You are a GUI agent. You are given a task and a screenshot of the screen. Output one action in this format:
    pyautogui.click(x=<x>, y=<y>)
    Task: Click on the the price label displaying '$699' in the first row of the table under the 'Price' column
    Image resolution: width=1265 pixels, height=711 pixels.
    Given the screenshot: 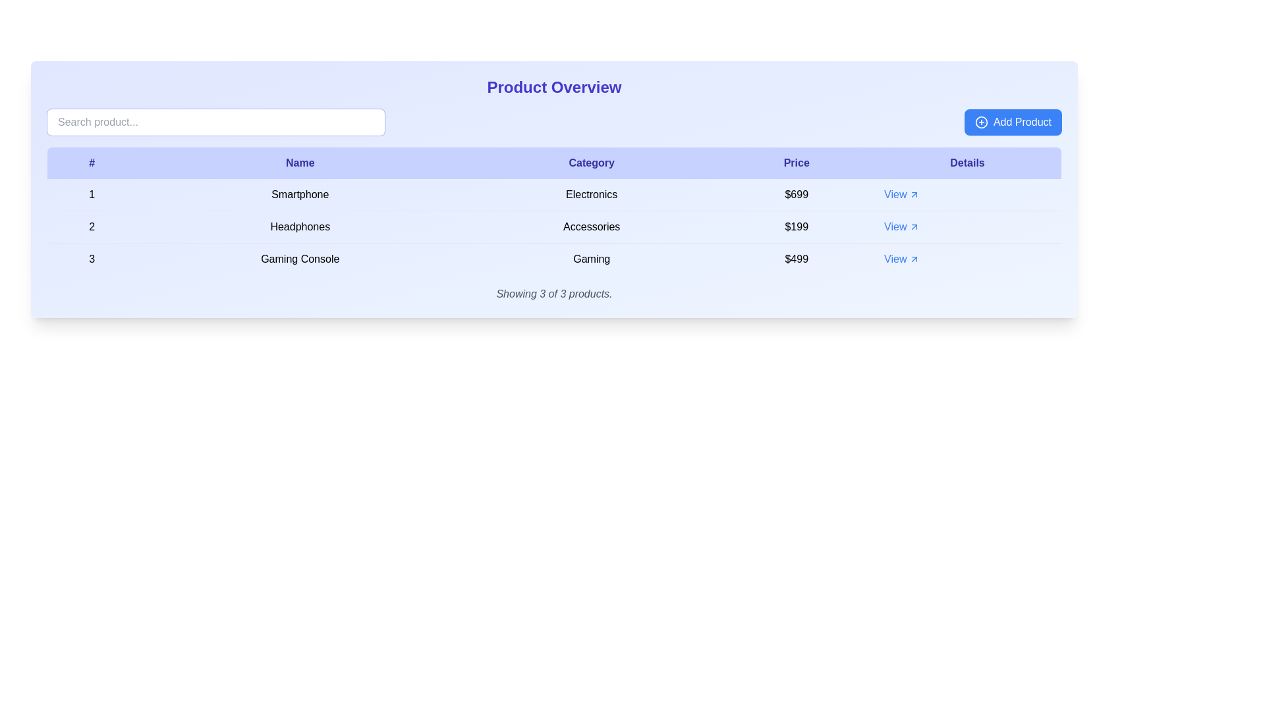 What is the action you would take?
    pyautogui.click(x=796, y=195)
    